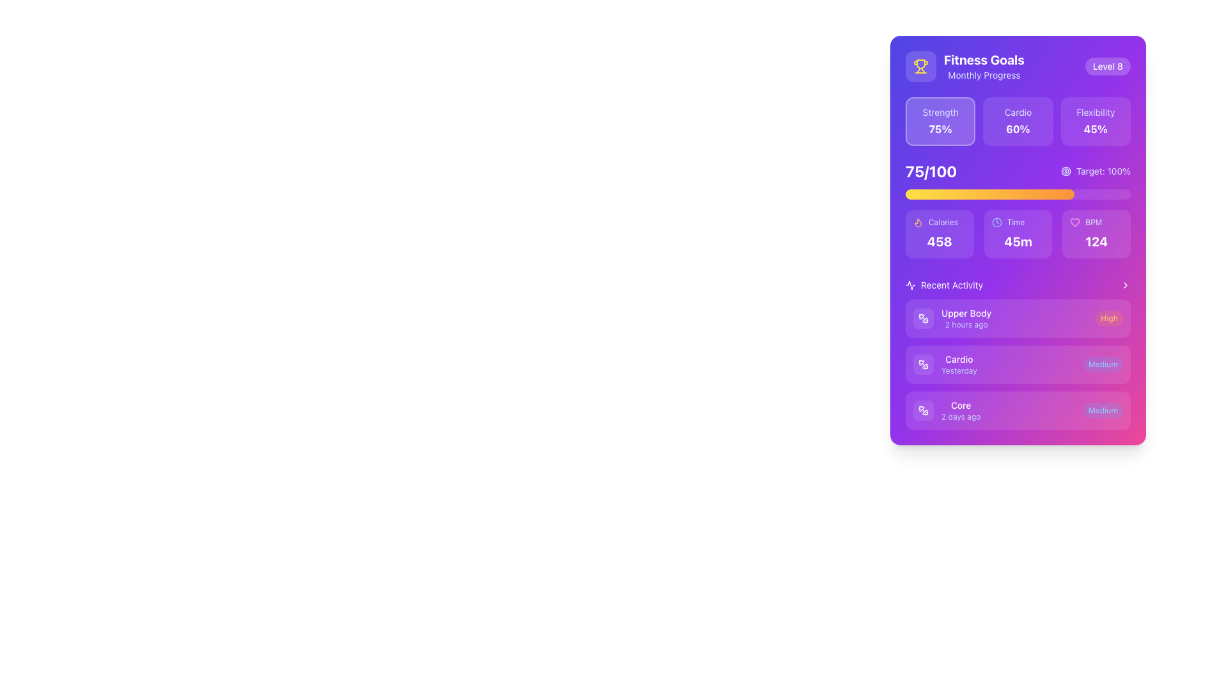 Image resolution: width=1228 pixels, height=691 pixels. I want to click on text of the label styled as a pill shape with 'Medium' in light blue color, located on the far-right side of the card that includes 'Core' and '2 days ago', so click(1102, 410).